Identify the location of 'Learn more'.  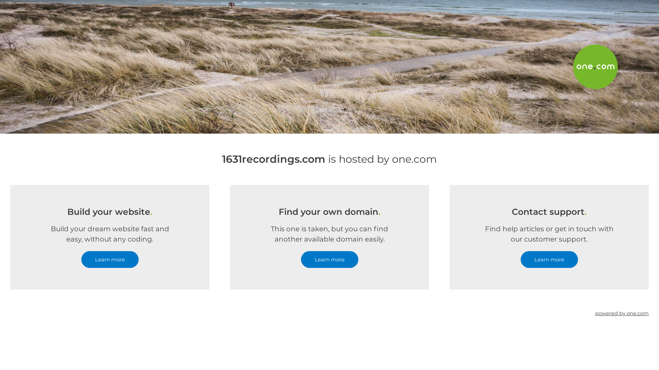
(548, 259).